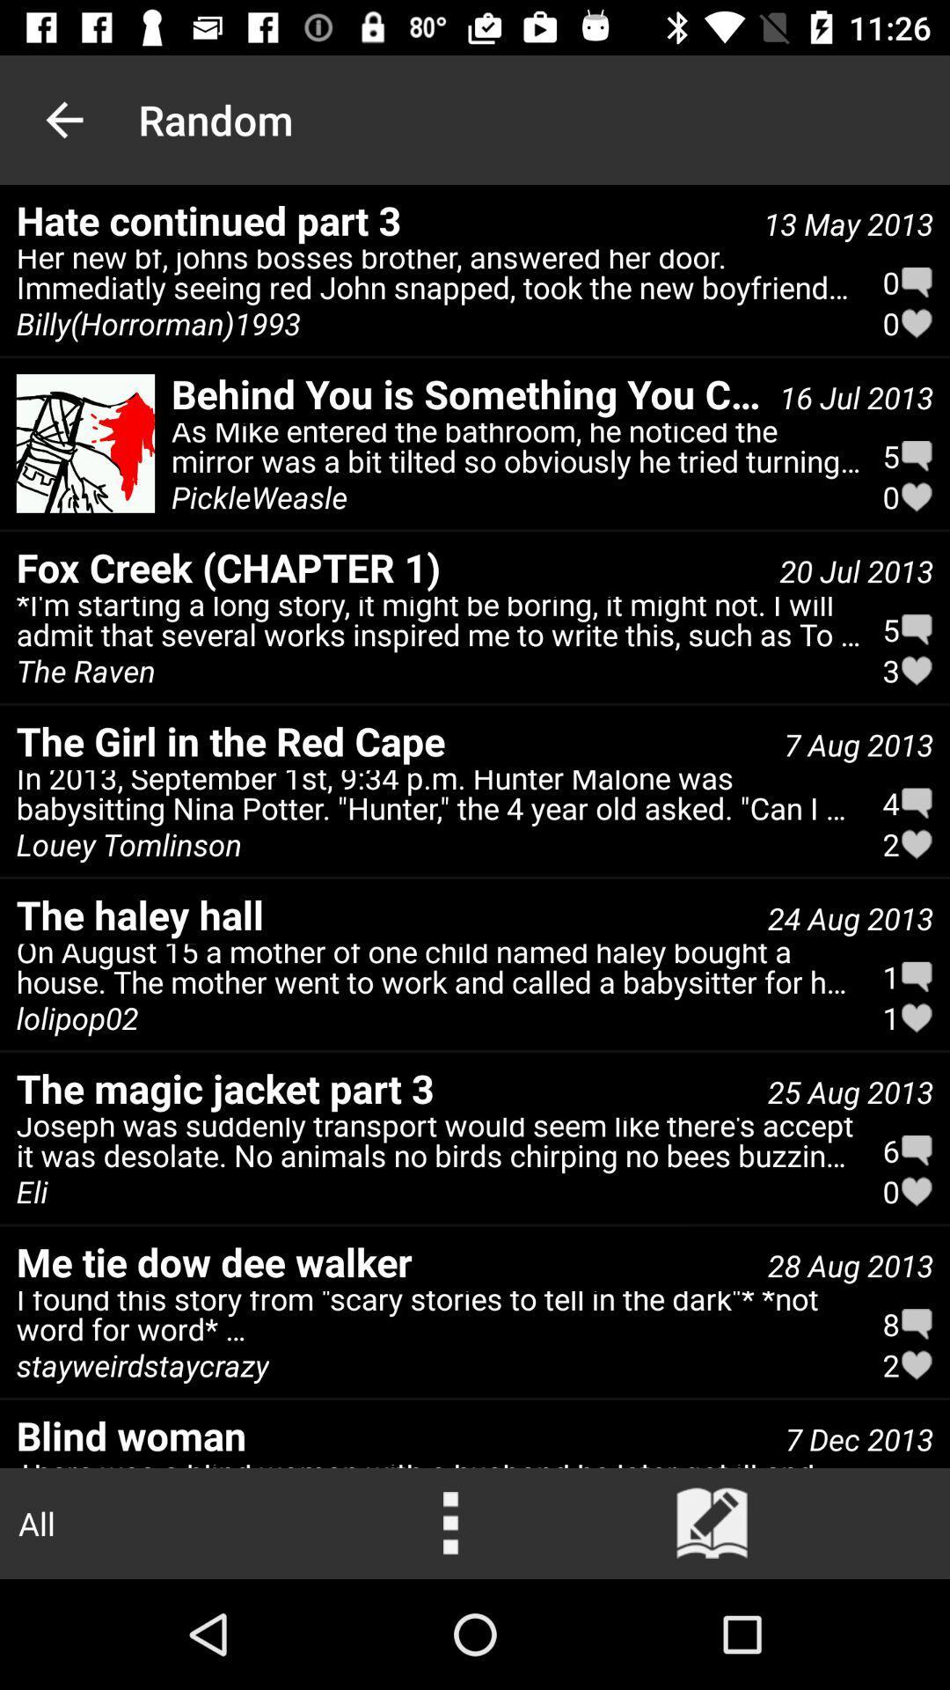 The image size is (950, 1690). What do you see at coordinates (63, 119) in the screenshot?
I see `the item above the hate continued part` at bounding box center [63, 119].